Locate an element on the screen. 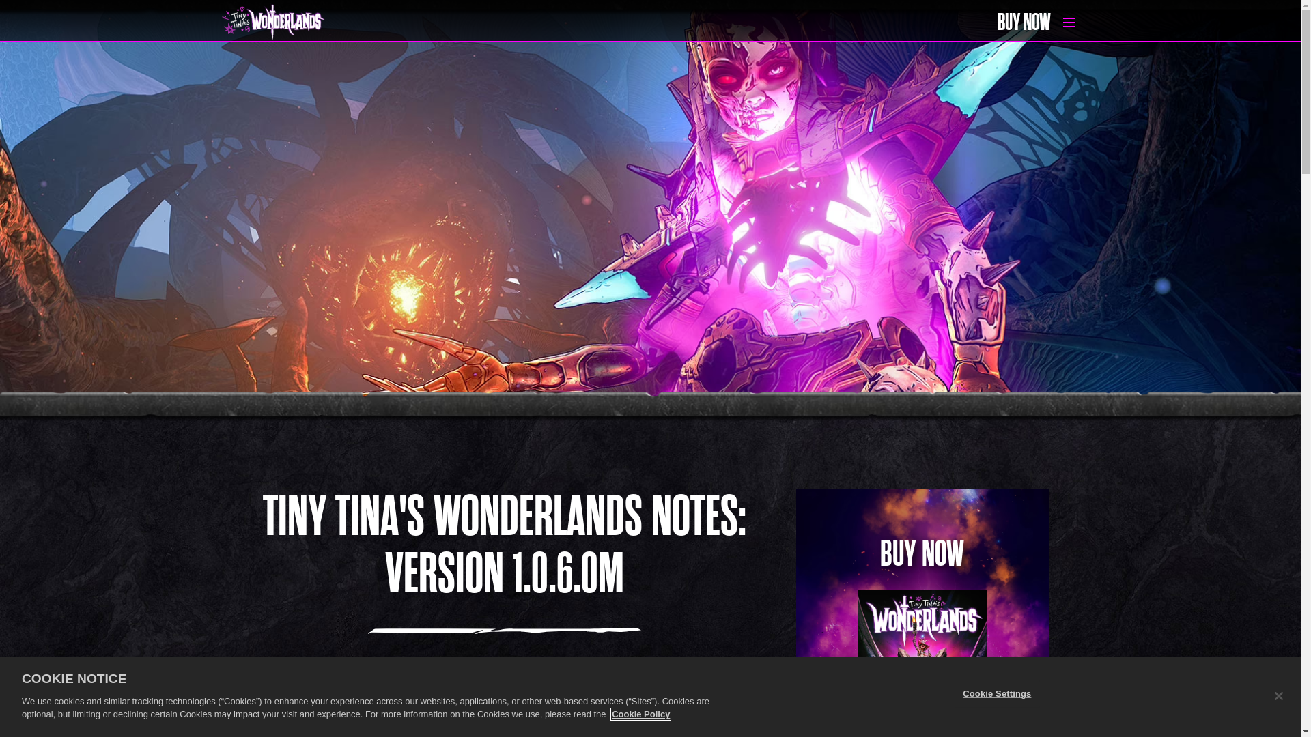 The image size is (1311, 737). 'Cookie Policy' is located at coordinates (611, 713).